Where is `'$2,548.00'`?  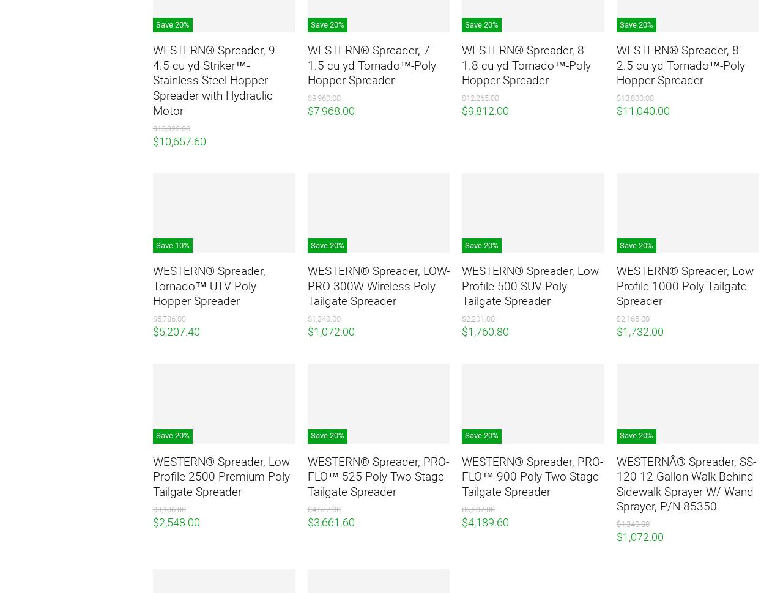 '$2,548.00' is located at coordinates (176, 521).